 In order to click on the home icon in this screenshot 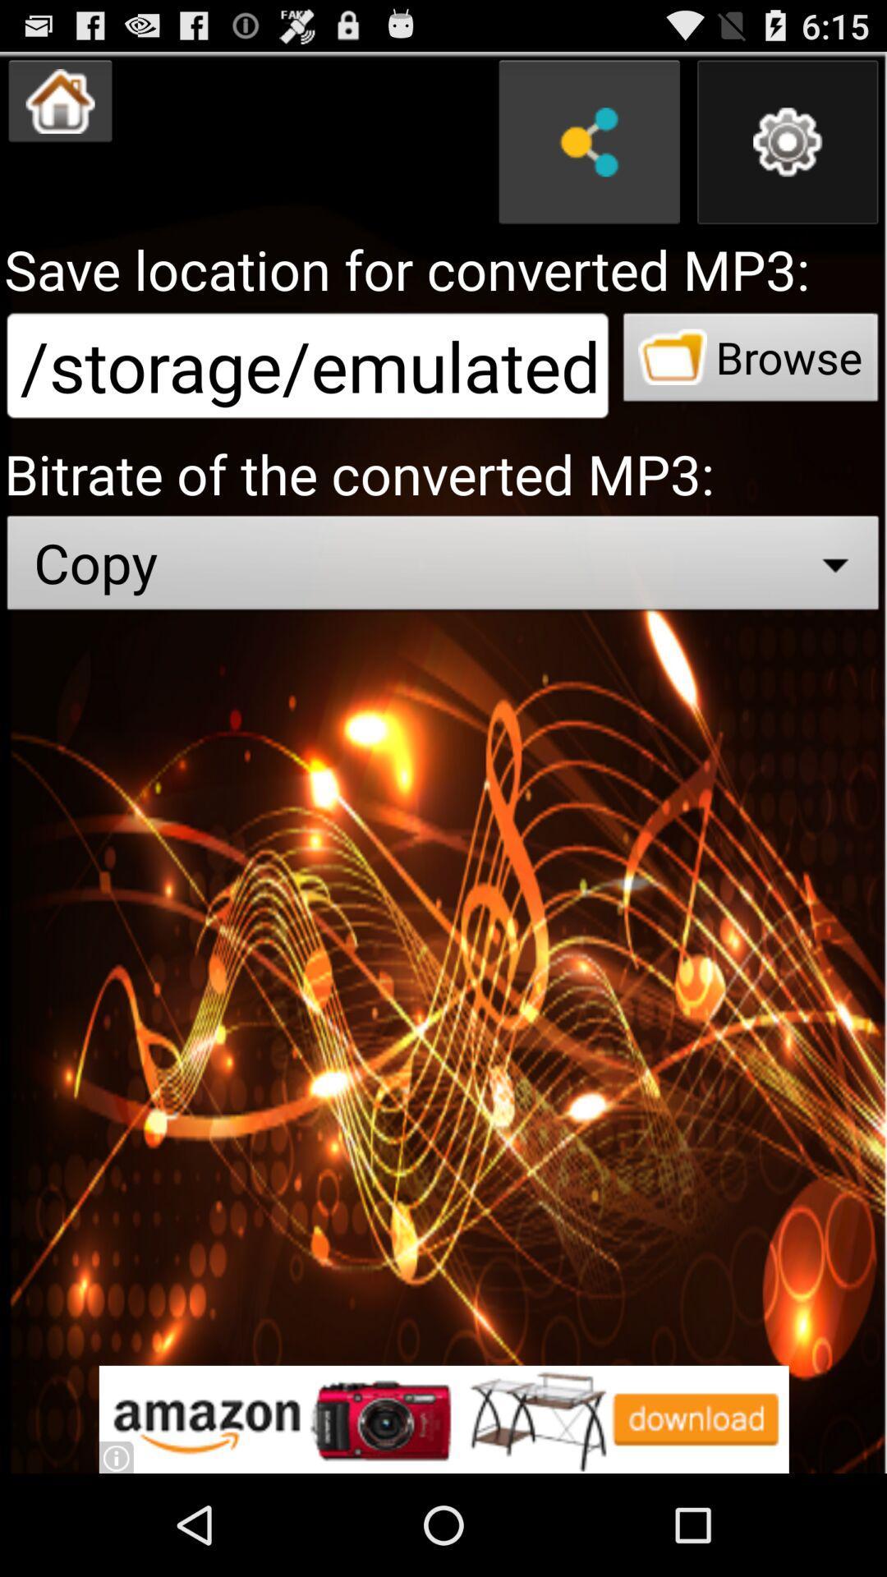, I will do `click(59, 108)`.